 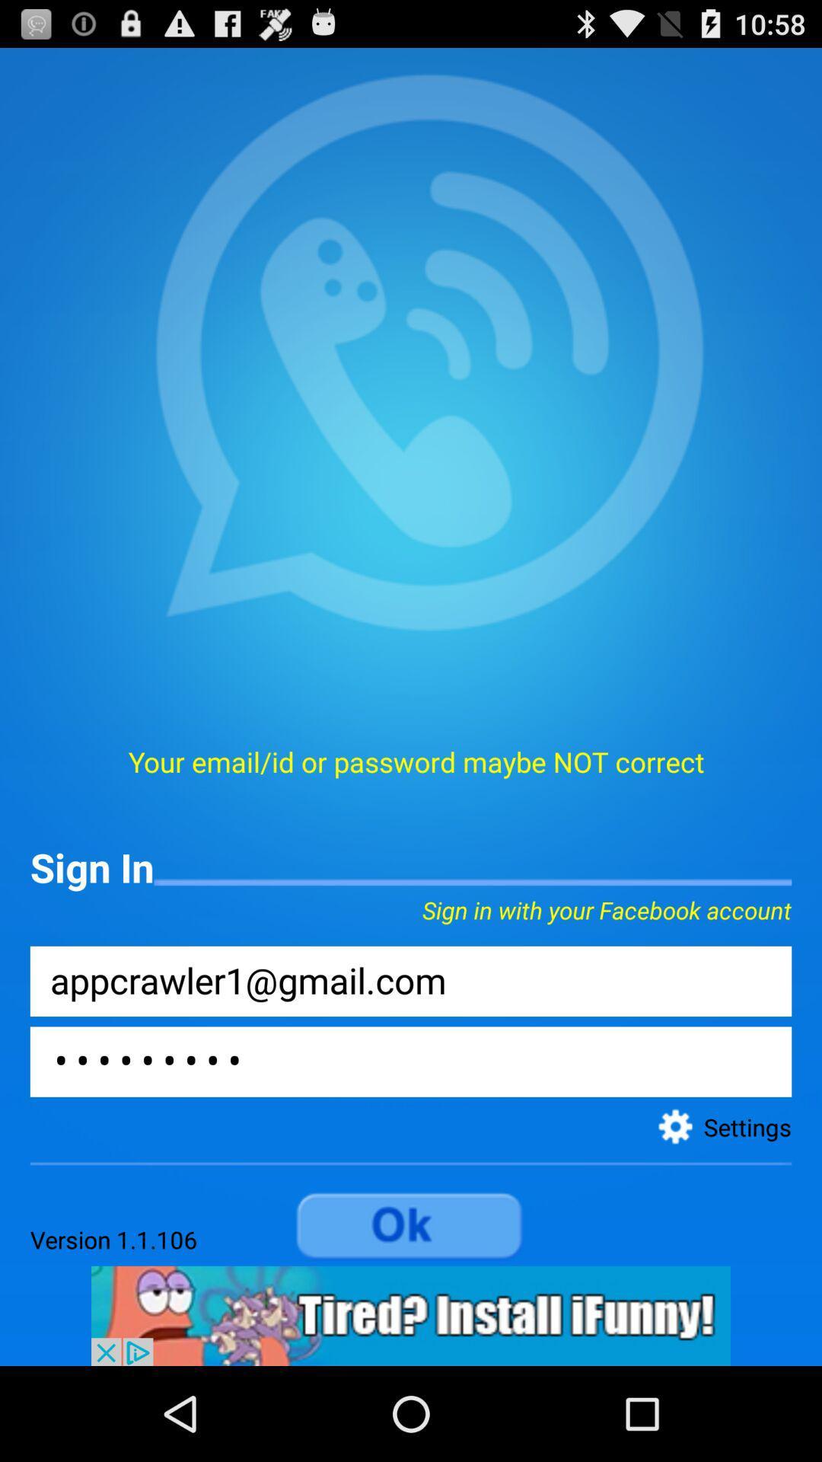 What do you see at coordinates (411, 1315) in the screenshot?
I see `advertisement` at bounding box center [411, 1315].